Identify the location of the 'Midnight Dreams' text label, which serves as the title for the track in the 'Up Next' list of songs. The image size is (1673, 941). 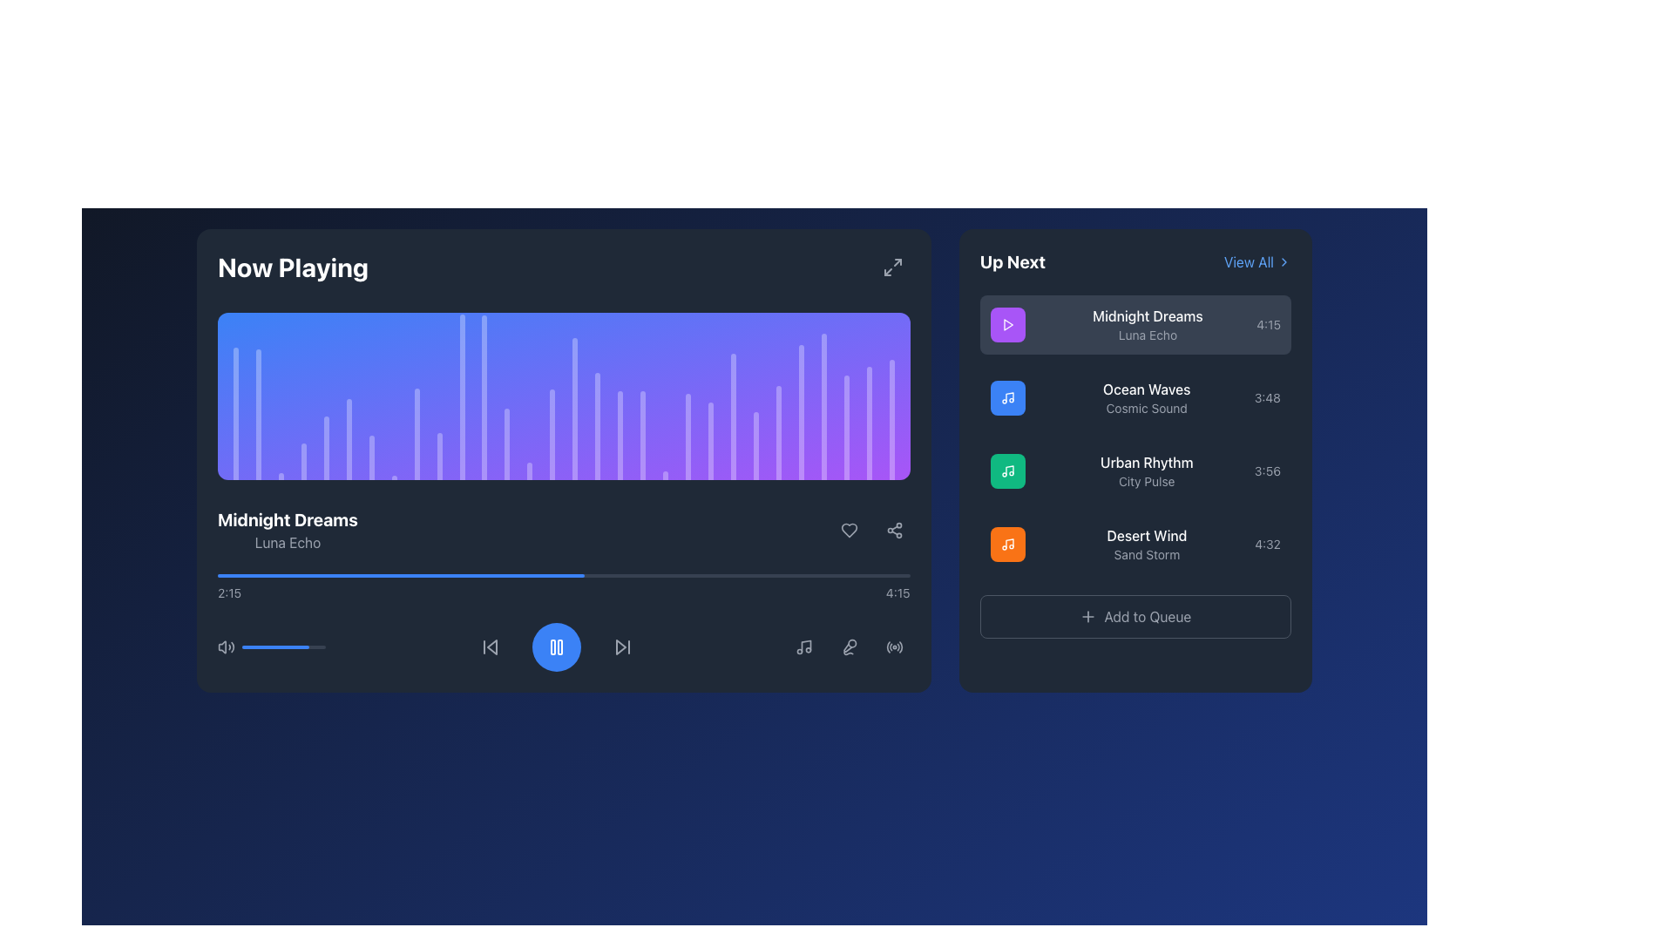
(1148, 315).